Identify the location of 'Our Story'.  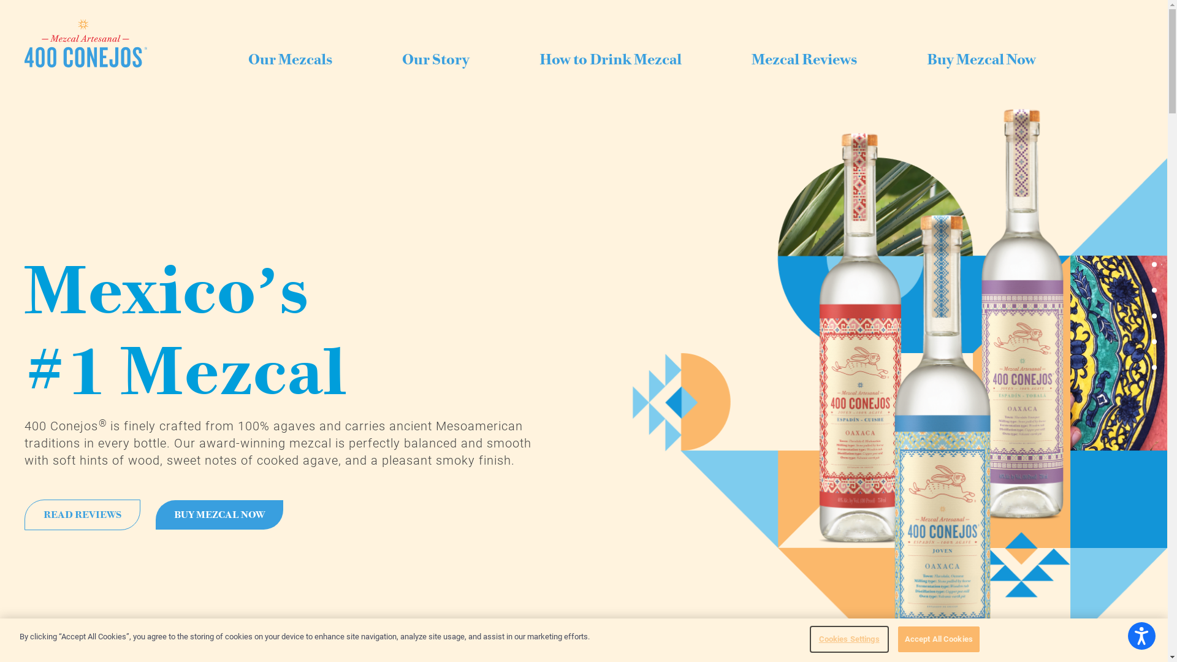
(435, 61).